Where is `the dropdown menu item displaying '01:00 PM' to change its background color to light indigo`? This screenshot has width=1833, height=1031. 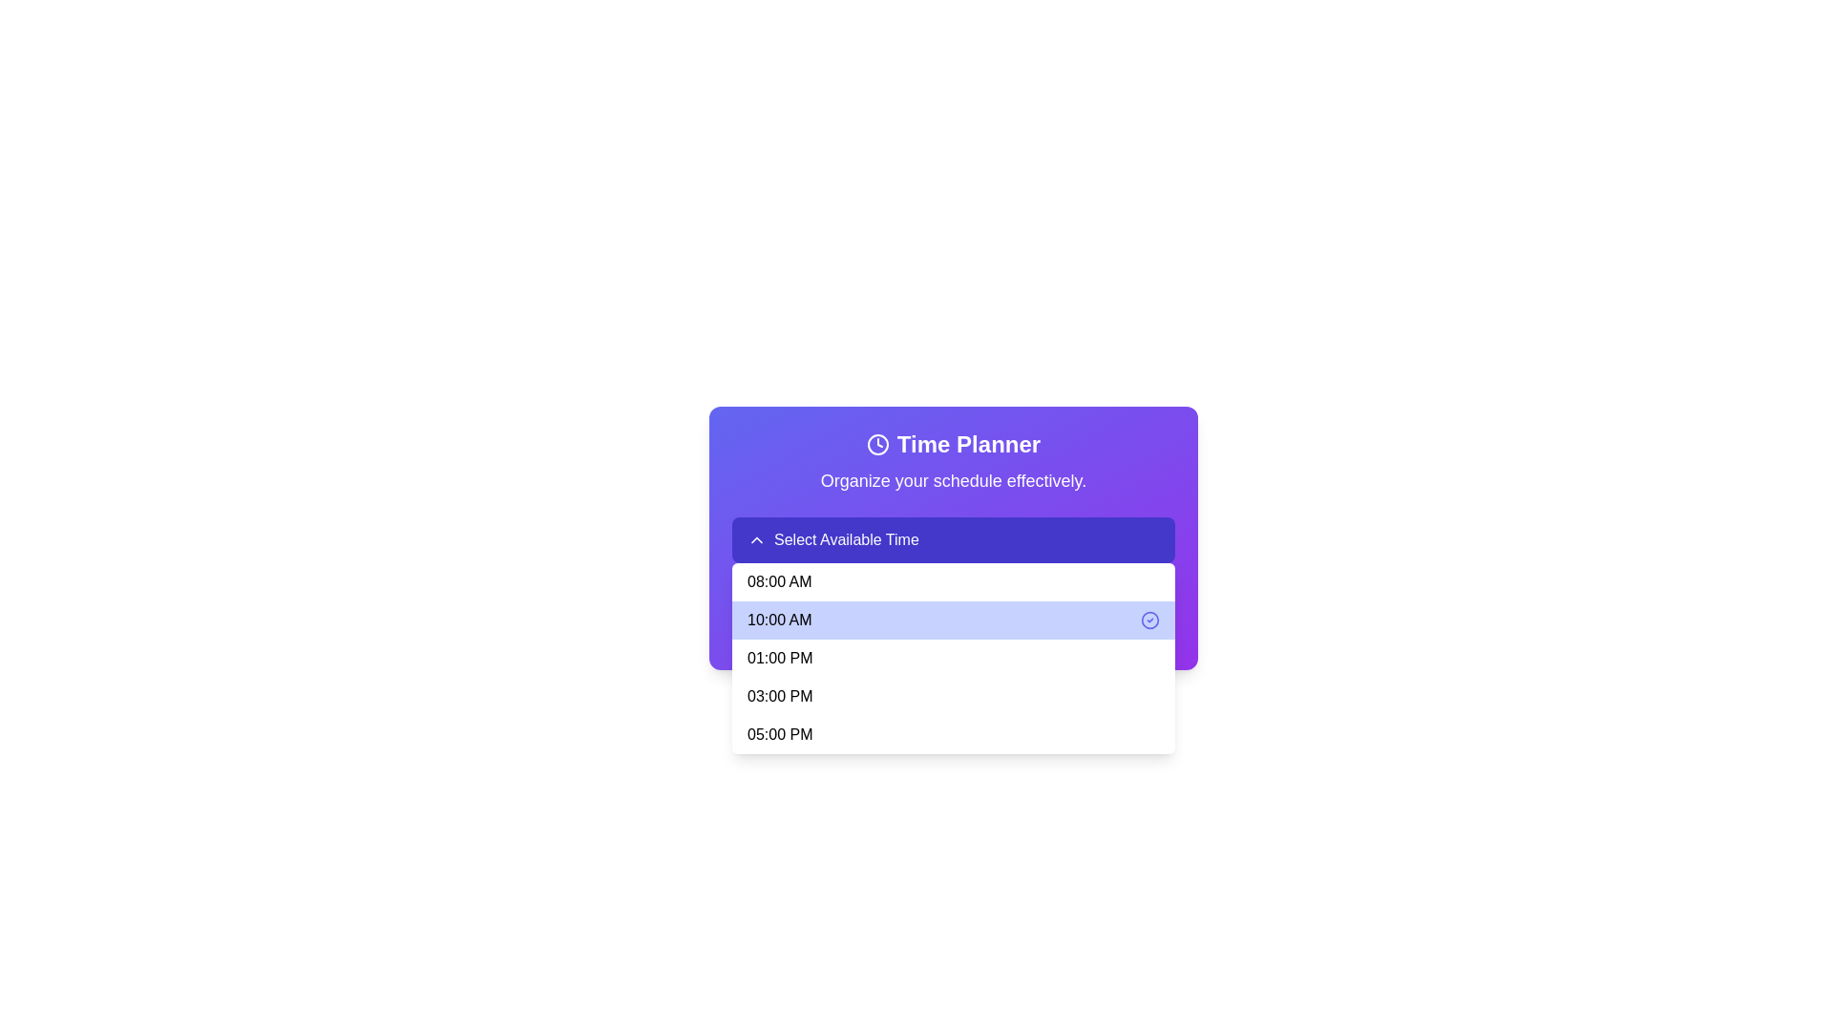
the dropdown menu item displaying '01:00 PM' to change its background color to light indigo is located at coordinates (953, 658).